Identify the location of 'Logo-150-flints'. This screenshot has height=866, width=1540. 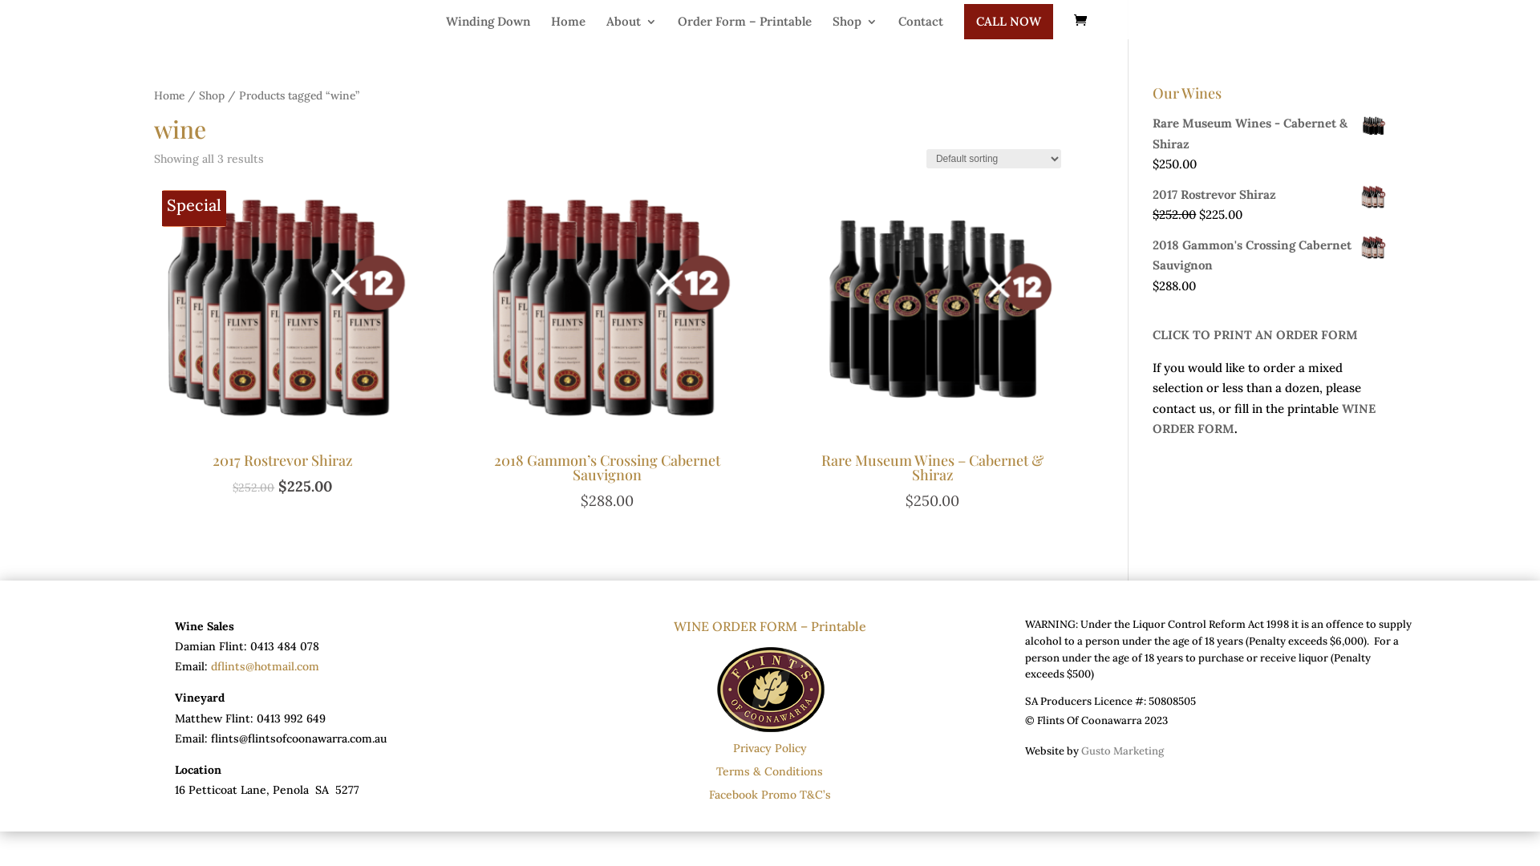
(770, 686).